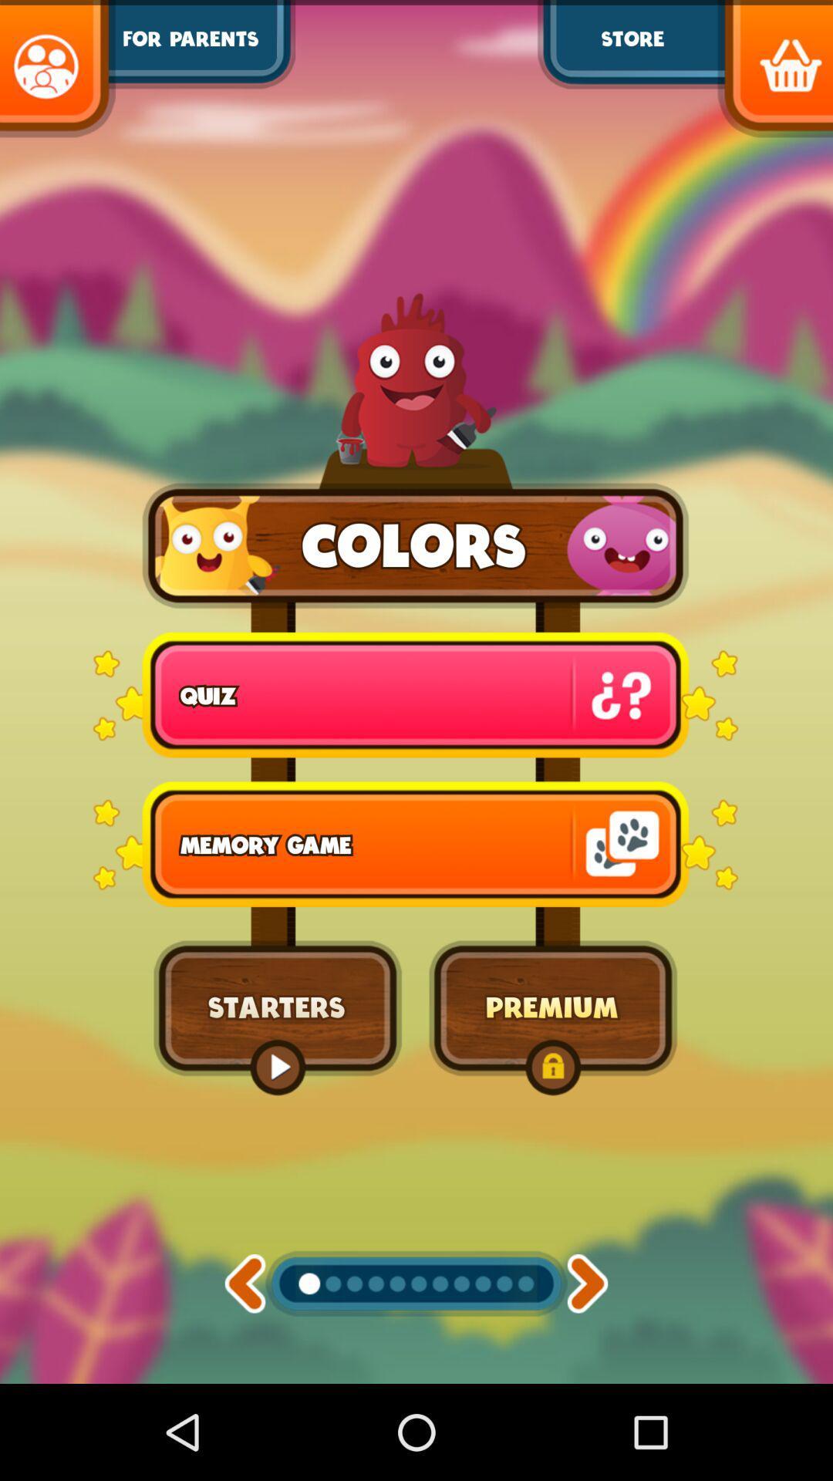 The width and height of the screenshot is (833, 1481). Describe the element at coordinates (415, 843) in the screenshot. I see `memory game` at that location.